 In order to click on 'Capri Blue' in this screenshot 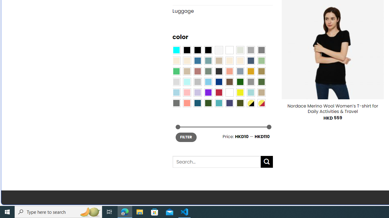, I will do `click(198, 102)`.